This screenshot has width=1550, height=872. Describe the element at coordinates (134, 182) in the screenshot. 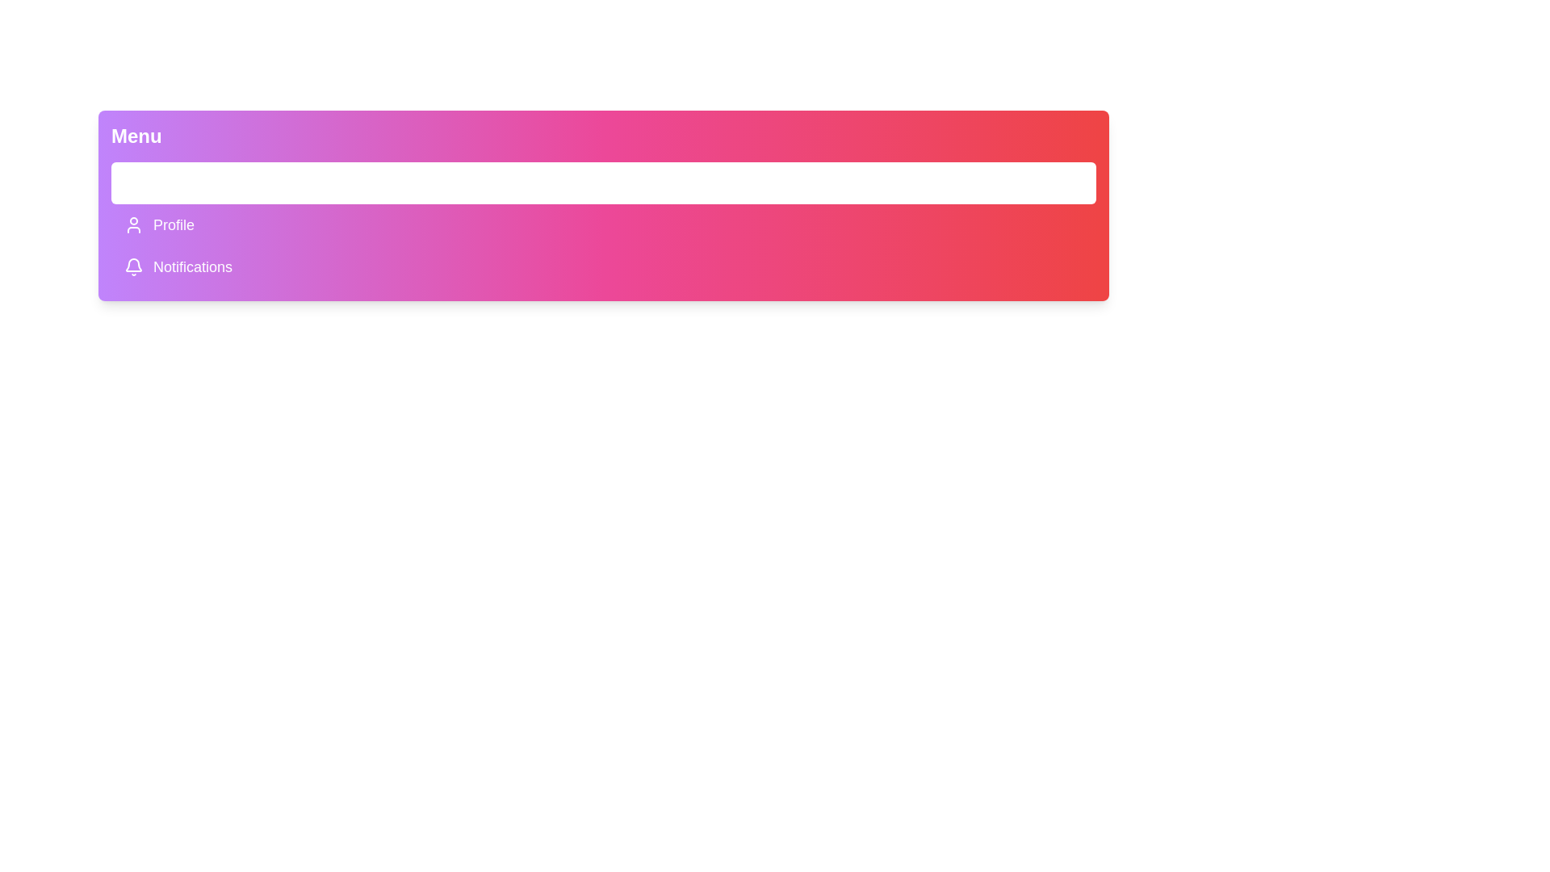

I see `the icon of the 'Home' menu item to observe its details` at that location.